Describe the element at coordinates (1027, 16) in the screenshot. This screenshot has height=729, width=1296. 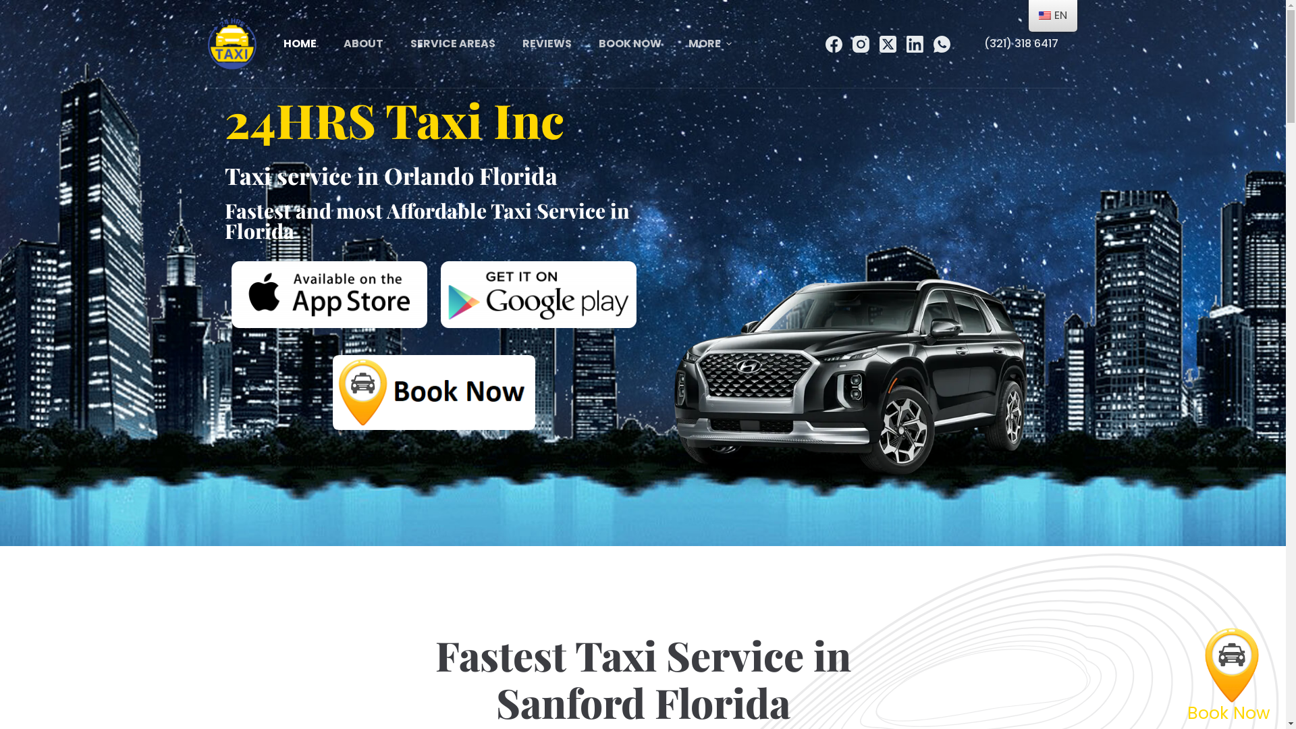
I see `'EN'` at that location.